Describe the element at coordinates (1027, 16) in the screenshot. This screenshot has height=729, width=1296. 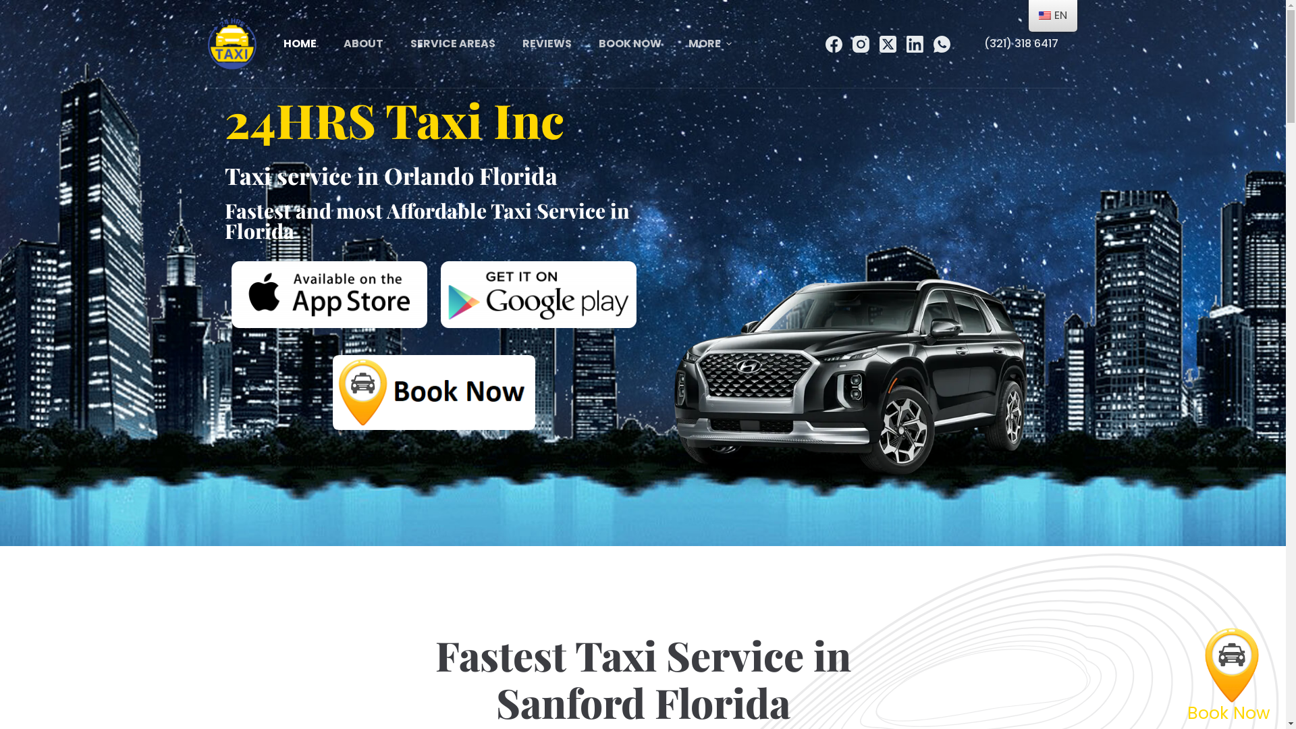
I see `'EN'` at that location.